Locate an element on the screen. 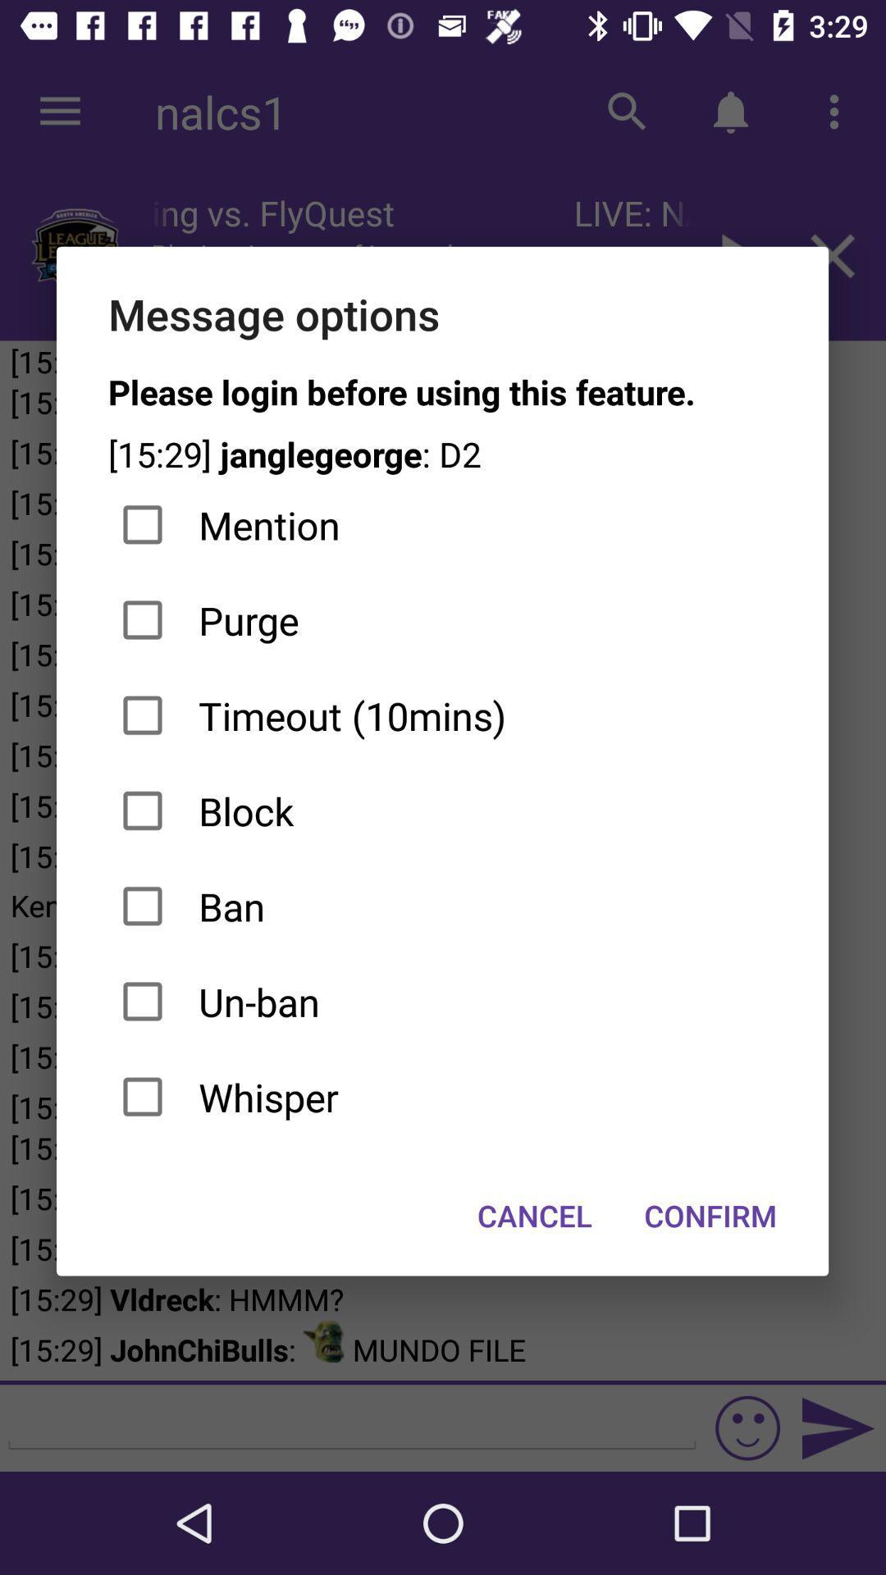 The width and height of the screenshot is (886, 1575). mention checkbox is located at coordinates (441, 525).